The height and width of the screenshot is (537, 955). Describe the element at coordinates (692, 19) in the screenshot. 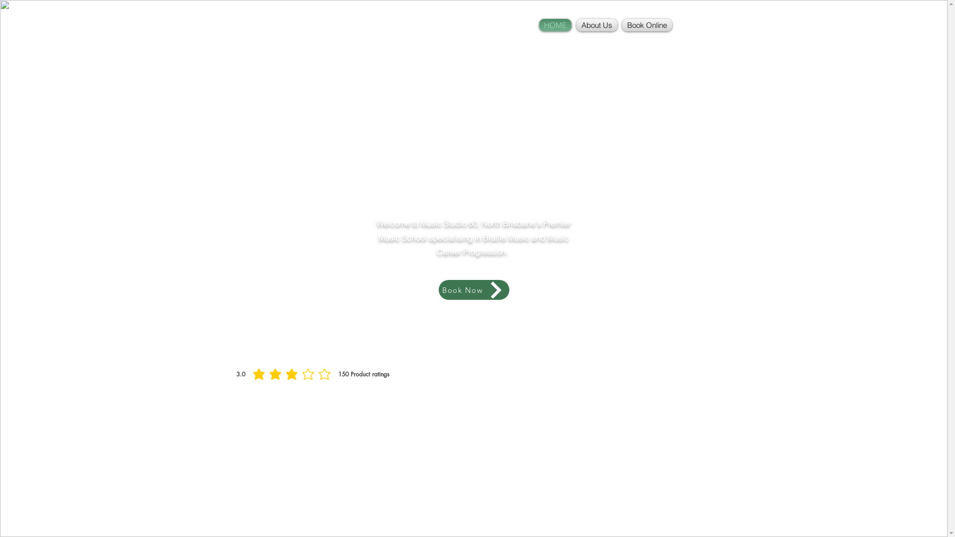

I see `'Log In'` at that location.